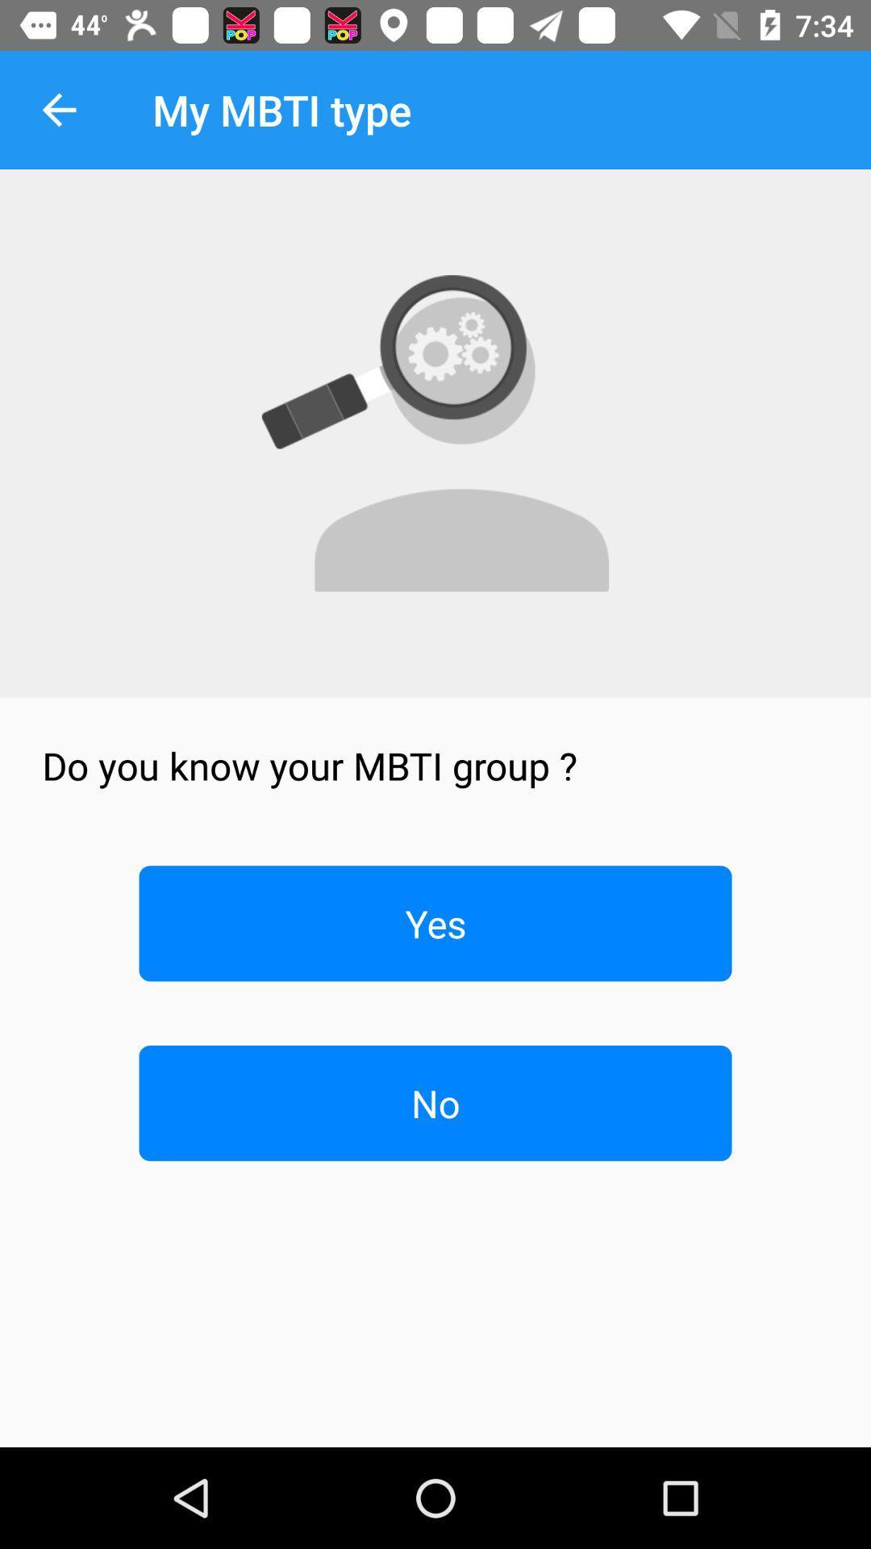 Image resolution: width=871 pixels, height=1549 pixels. I want to click on the no, so click(435, 1102).